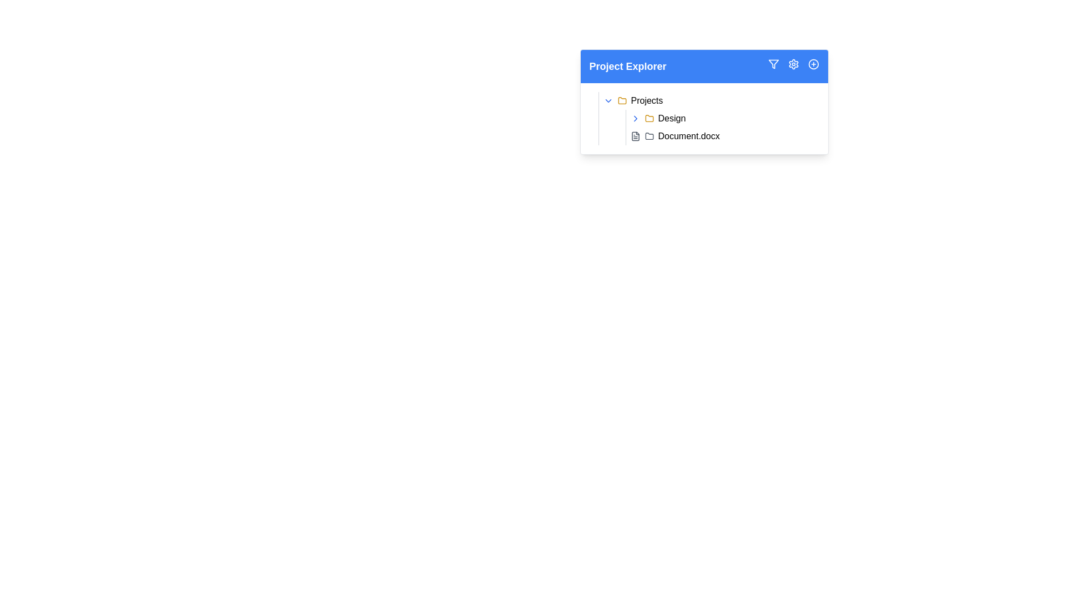 This screenshot has height=599, width=1065. I want to click on the document icon, which is a small icon resembling a document with a gray outline, located to the left of the text 'Document.docx' in the project explorer, to select the associated file, so click(635, 136).